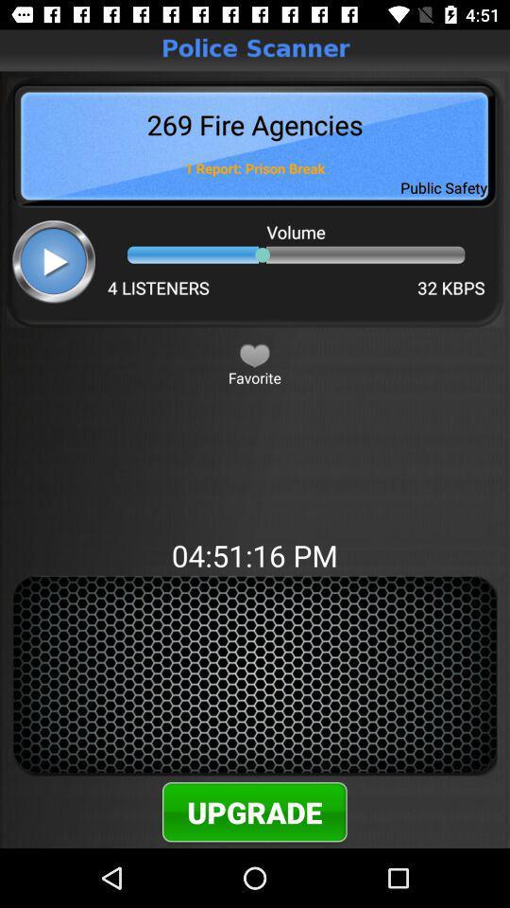  What do you see at coordinates (254, 354) in the screenshot?
I see `button` at bounding box center [254, 354].